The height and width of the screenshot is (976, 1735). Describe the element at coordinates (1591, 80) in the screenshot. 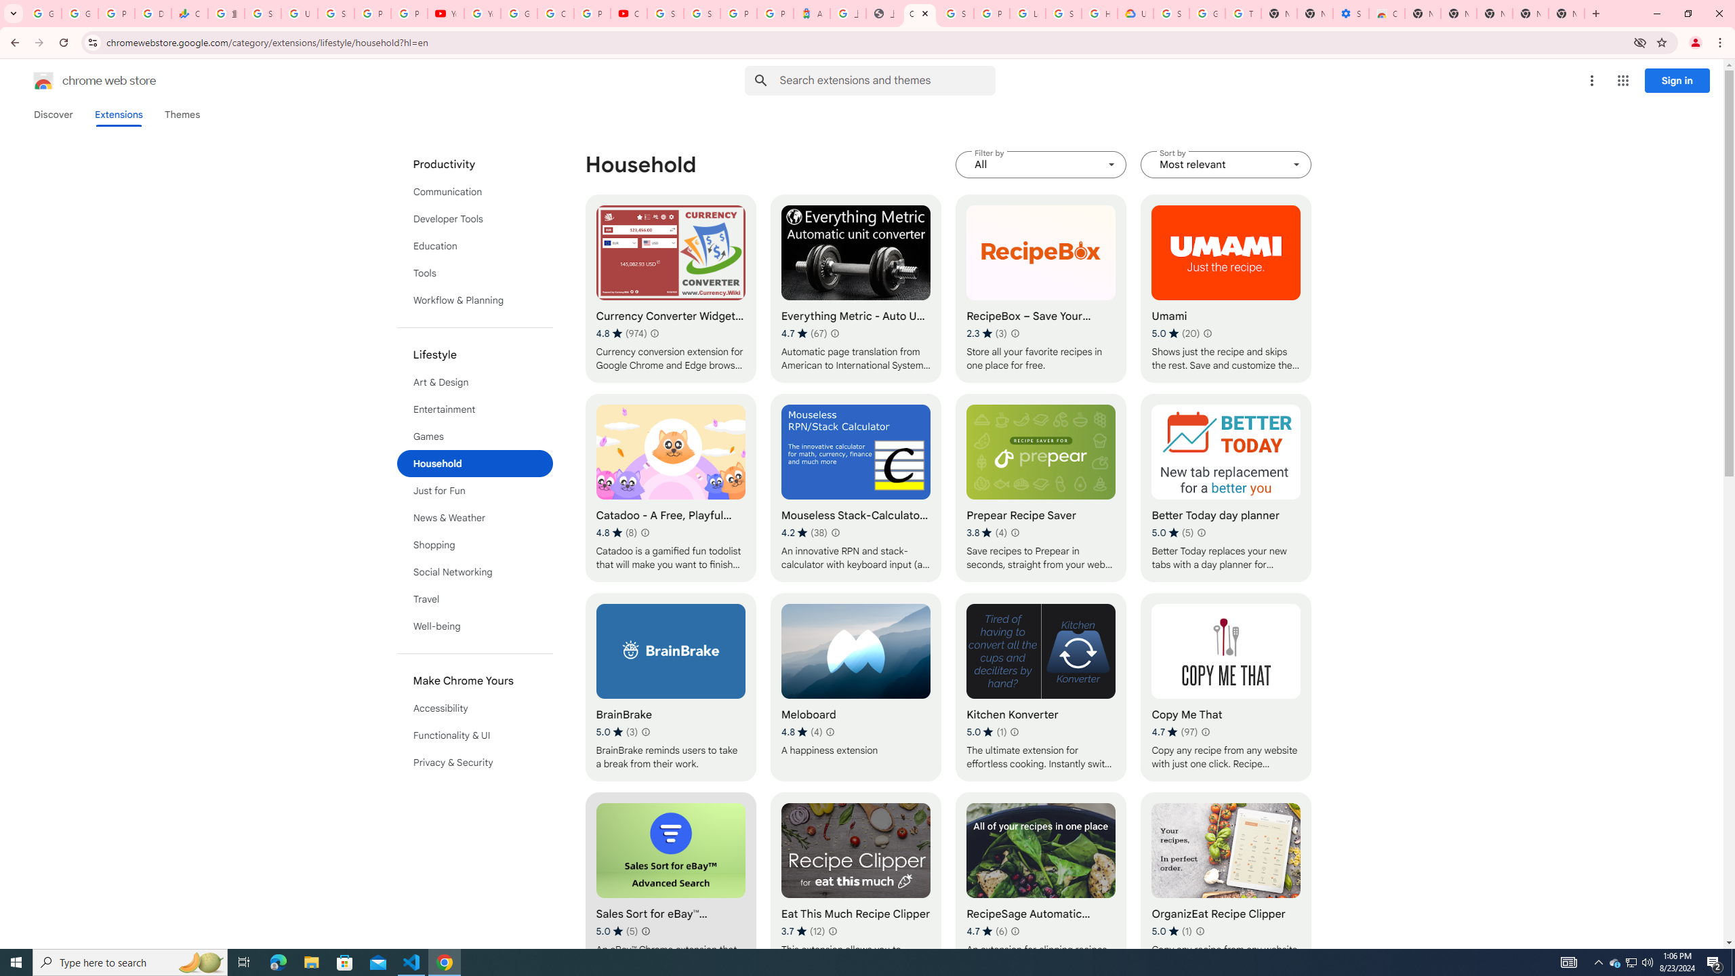

I see `'More options menu'` at that location.